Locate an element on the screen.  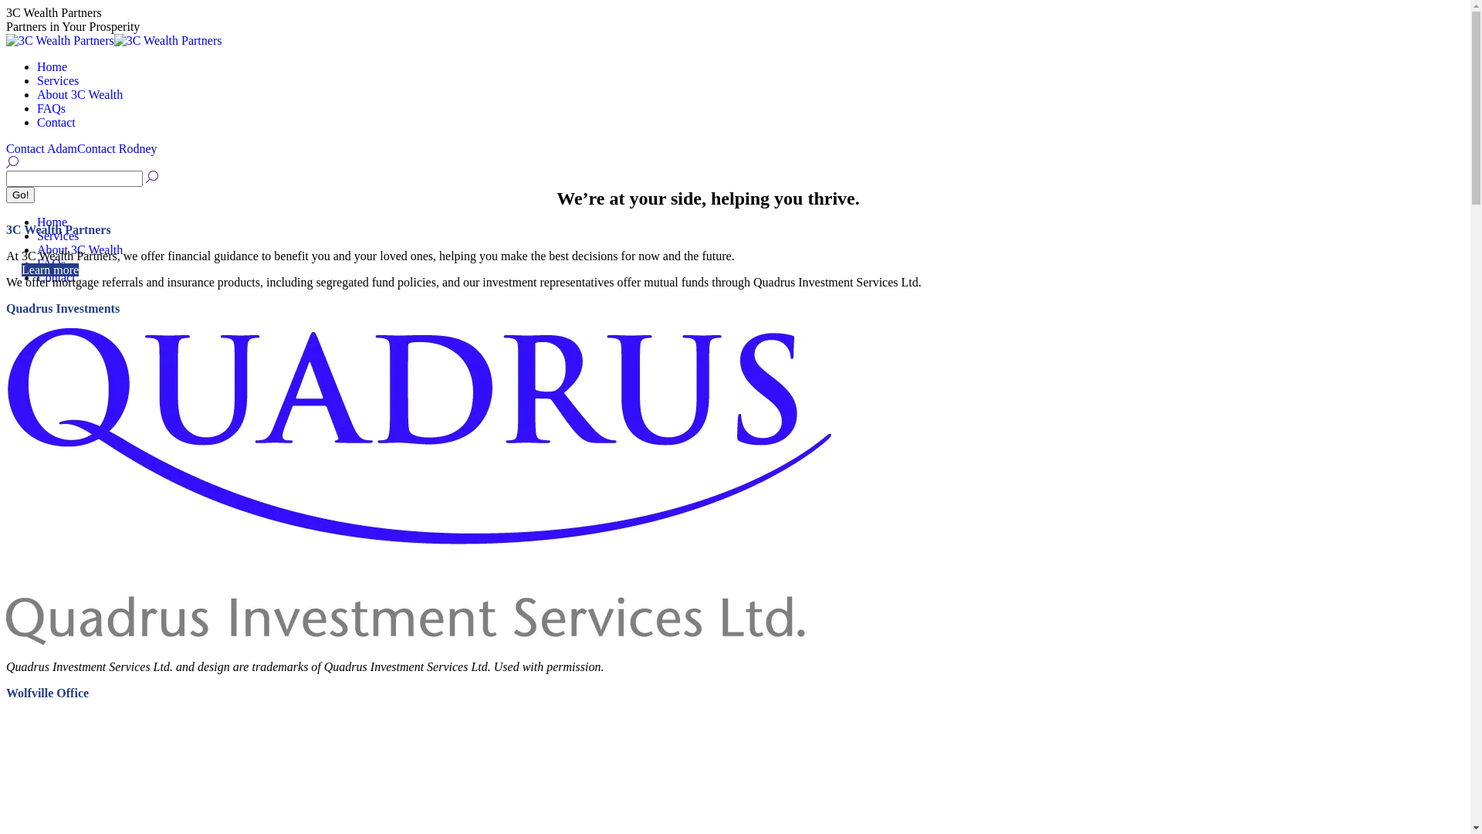
'Contact Adam' is located at coordinates (41, 148).